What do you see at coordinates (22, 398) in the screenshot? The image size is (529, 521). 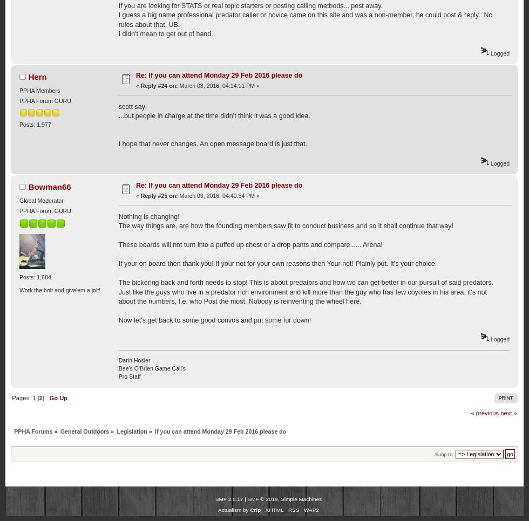 I see `'Pages:'` at bounding box center [22, 398].